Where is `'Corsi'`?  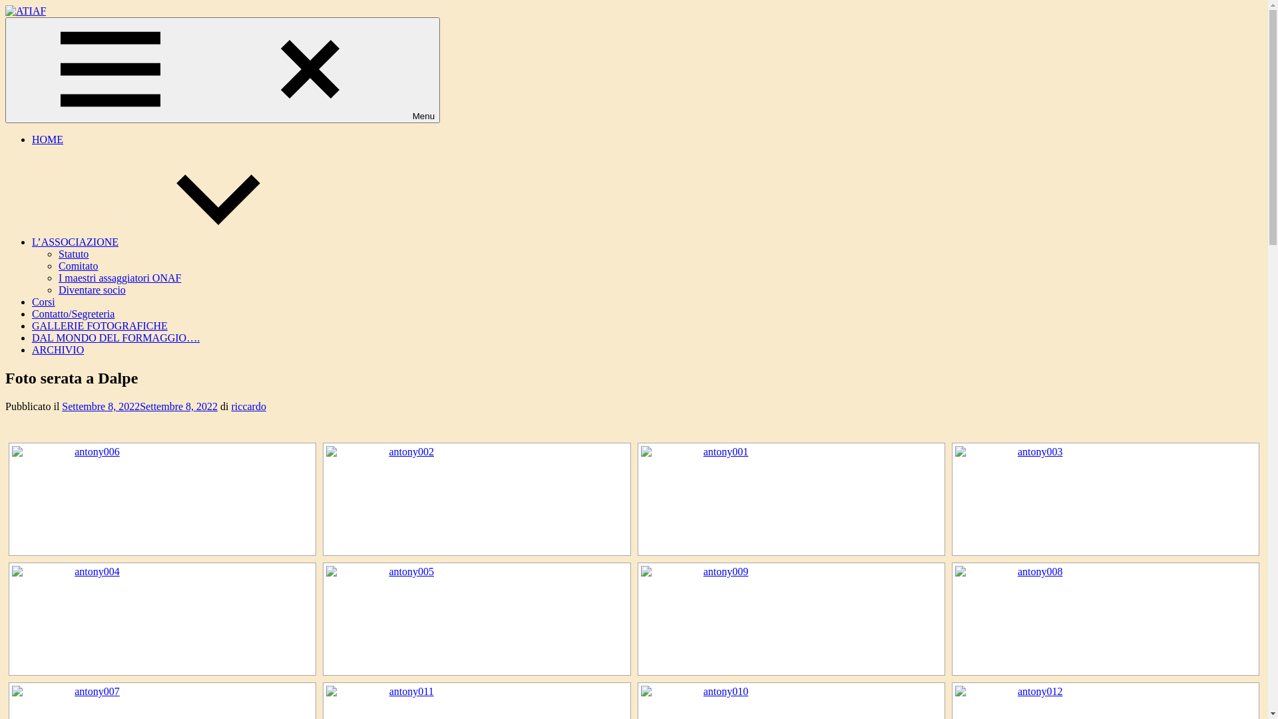 'Corsi' is located at coordinates (32, 302).